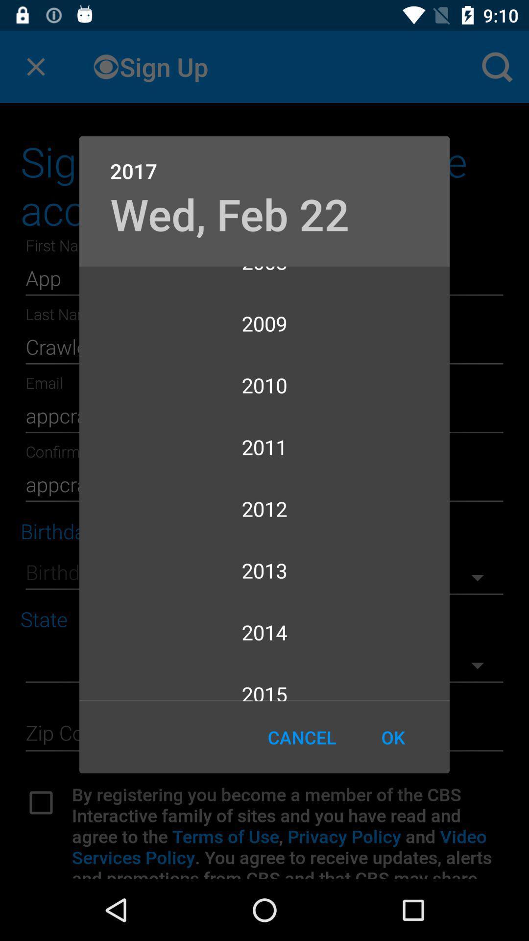 The width and height of the screenshot is (529, 941). Describe the element at coordinates (392, 737) in the screenshot. I see `icon to the right of cancel icon` at that location.